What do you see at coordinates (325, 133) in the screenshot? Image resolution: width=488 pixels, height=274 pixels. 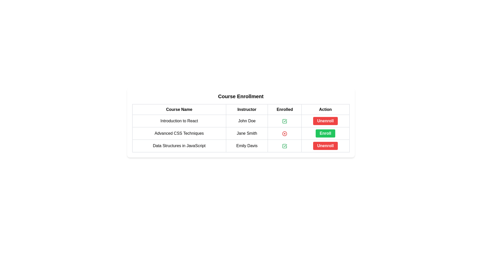 I see `the 'Enroll' button with a green background in the fifth column of the second row of the table for the course 'Advanced CSS Techniques' taught by 'Jane Smith' to enroll in the course` at bounding box center [325, 133].